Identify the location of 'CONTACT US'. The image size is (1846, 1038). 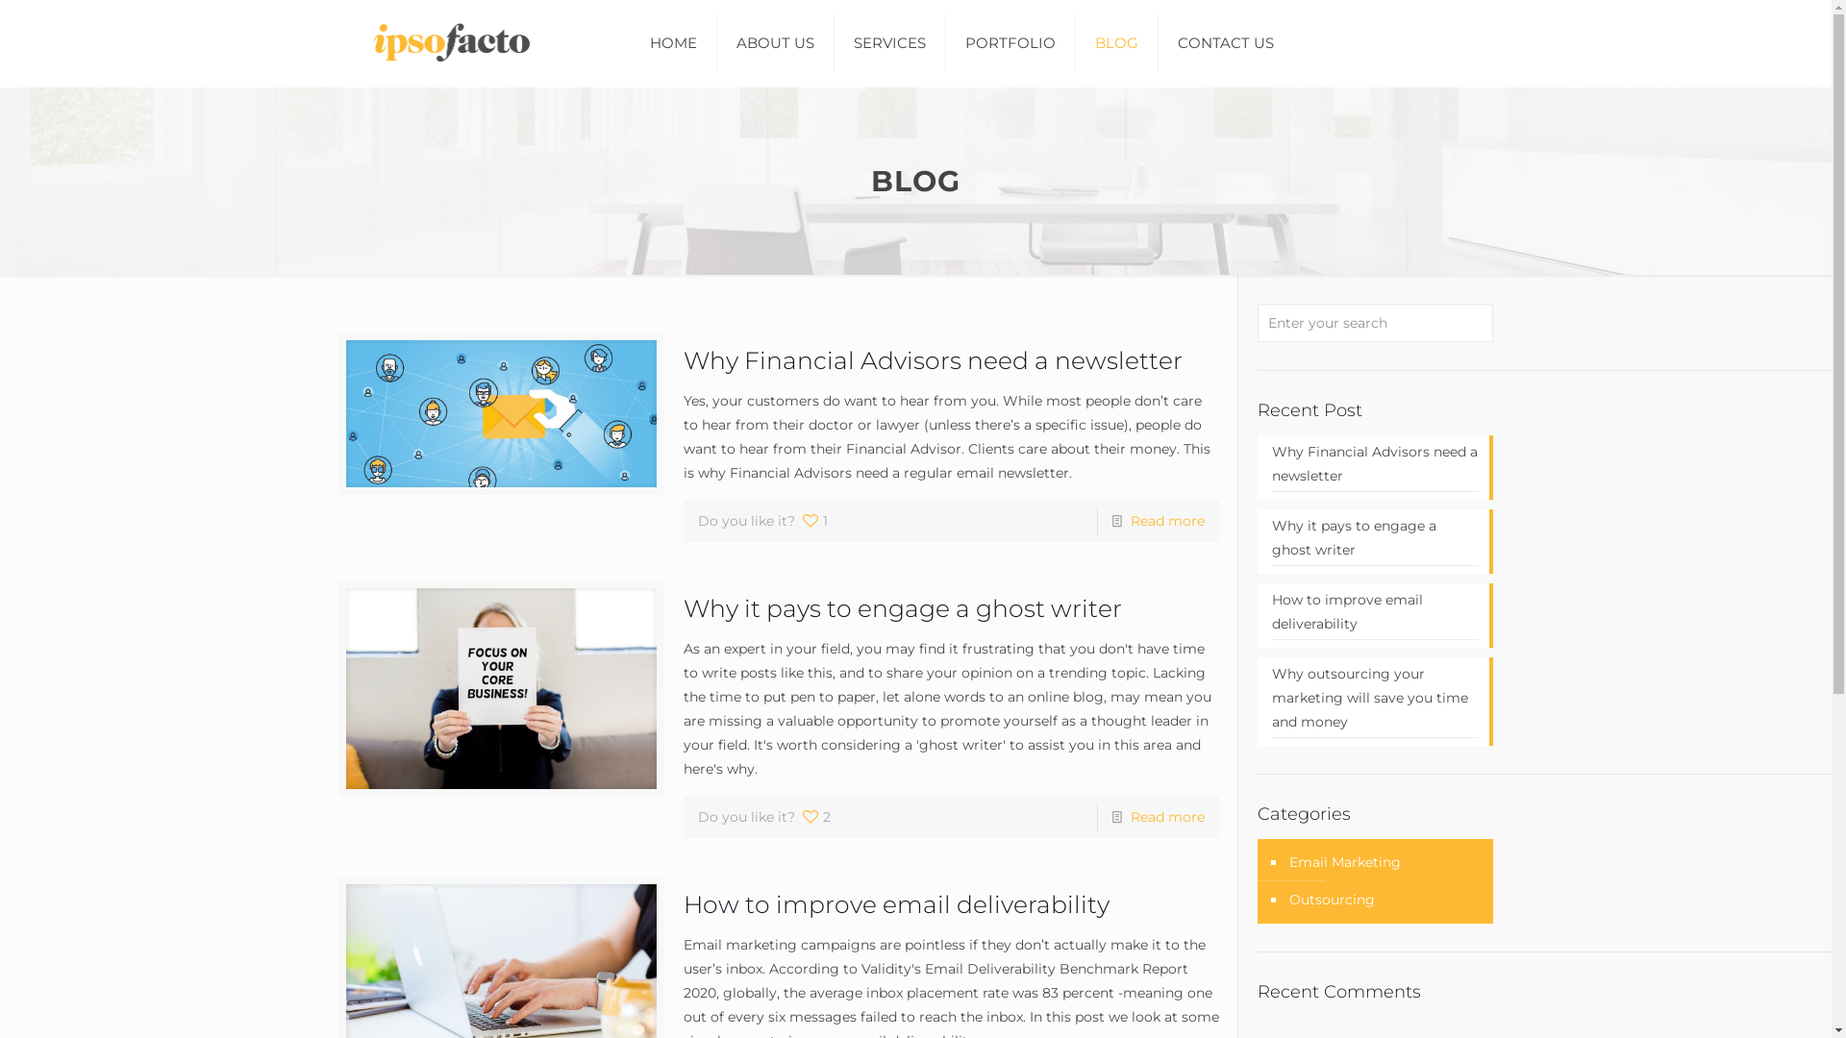
(1225, 43).